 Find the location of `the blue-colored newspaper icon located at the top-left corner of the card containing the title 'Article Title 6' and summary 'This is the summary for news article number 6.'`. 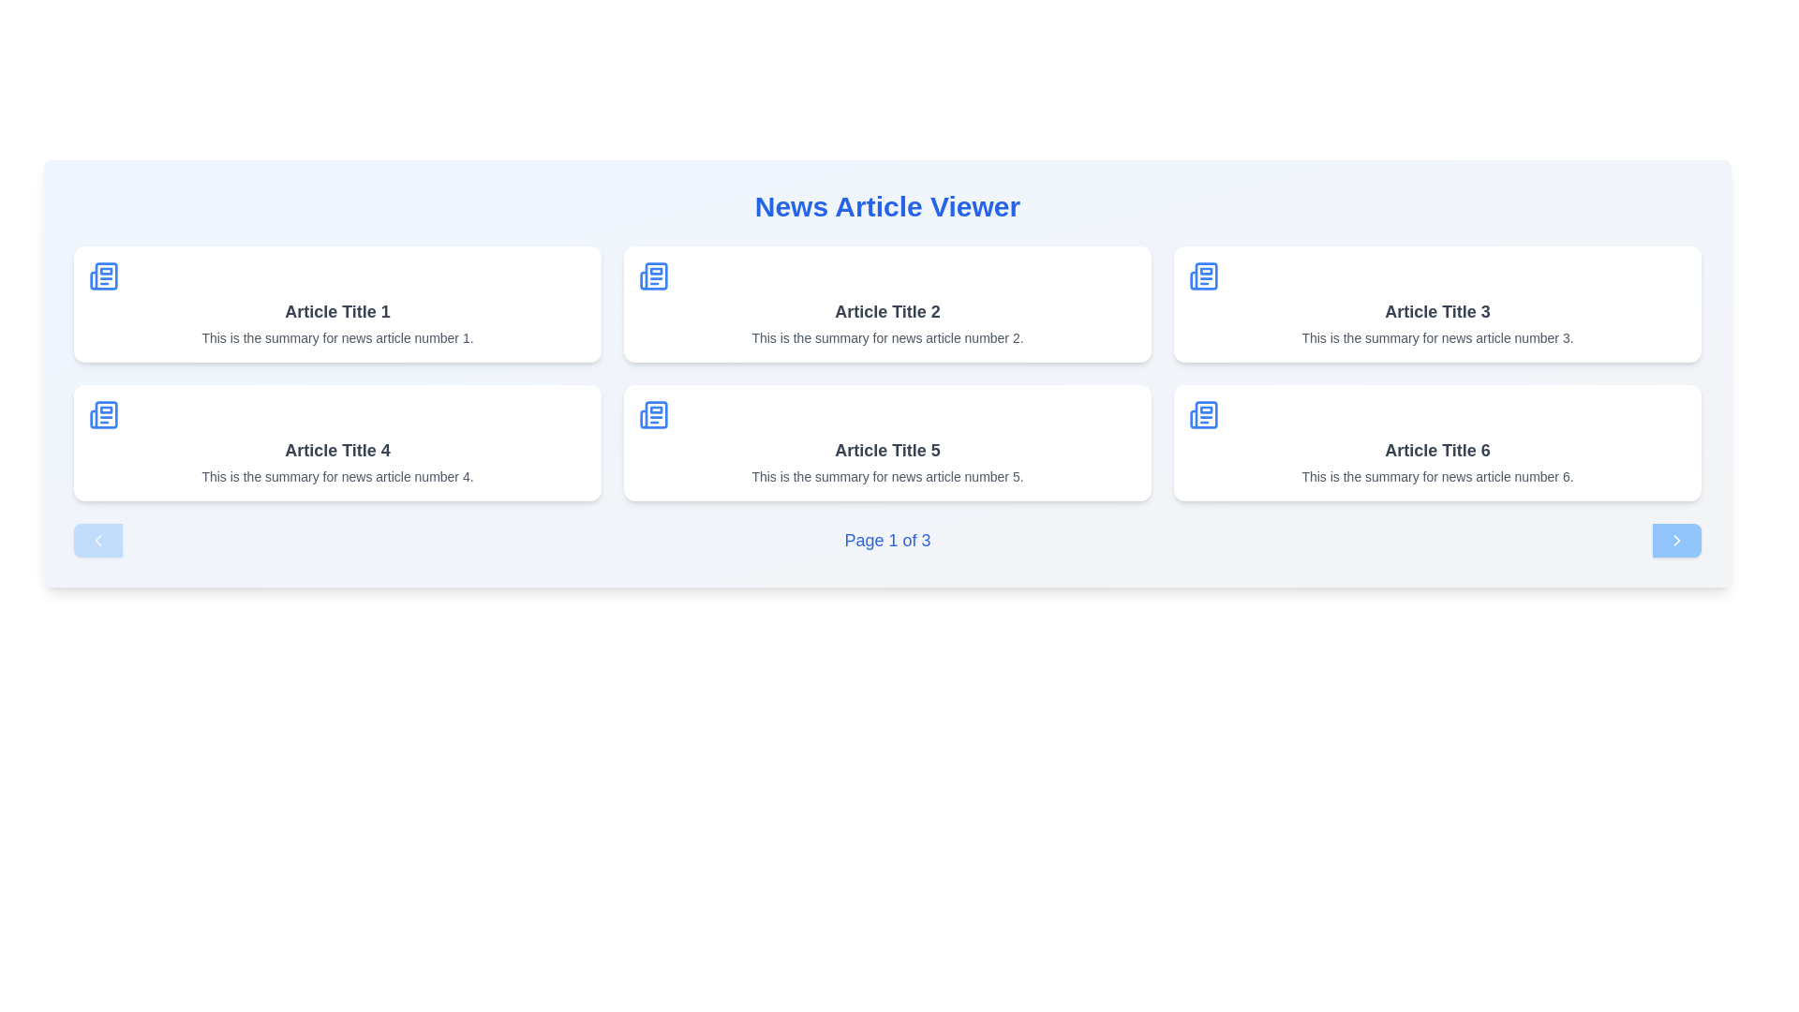

the blue-colored newspaper icon located at the top-left corner of the card containing the title 'Article Title 6' and summary 'This is the summary for news article number 6.' is located at coordinates (1204, 414).